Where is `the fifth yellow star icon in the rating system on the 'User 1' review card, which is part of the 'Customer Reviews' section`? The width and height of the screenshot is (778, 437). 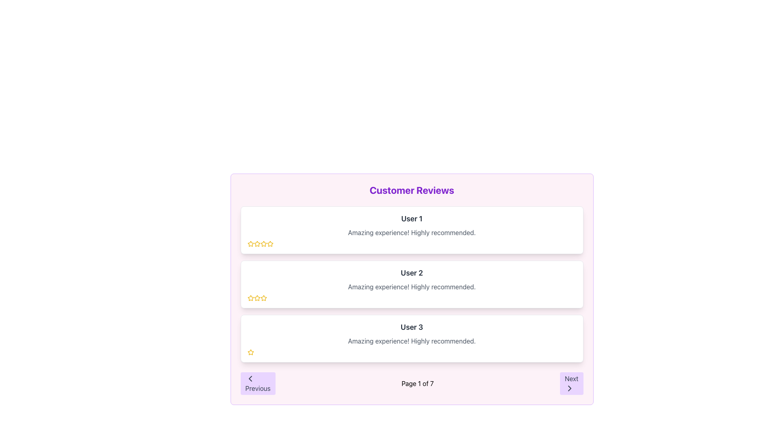
the fifth yellow star icon in the rating system on the 'User 1' review card, which is part of the 'Customer Reviews' section is located at coordinates (270, 243).